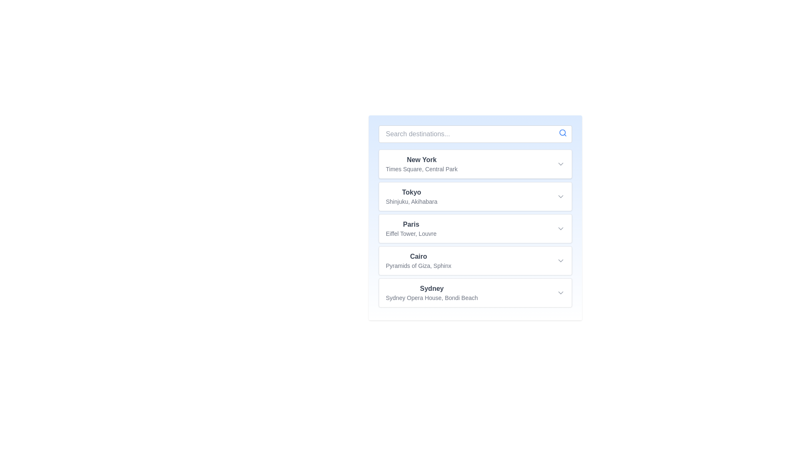 This screenshot has width=800, height=450. I want to click on the text label displaying 'Cairo' which is in bold styling and positioned above the labels 'Pyramids of Giza, Sphinx', so click(418, 256).